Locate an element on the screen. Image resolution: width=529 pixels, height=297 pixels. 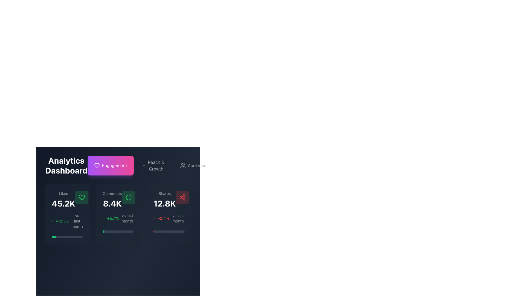
the 'Shares' static text element displaying '12.8K' with a bold white font, which is positioned on the right side of the grid along with 'Likes' and 'Comments' is located at coordinates (164, 199).